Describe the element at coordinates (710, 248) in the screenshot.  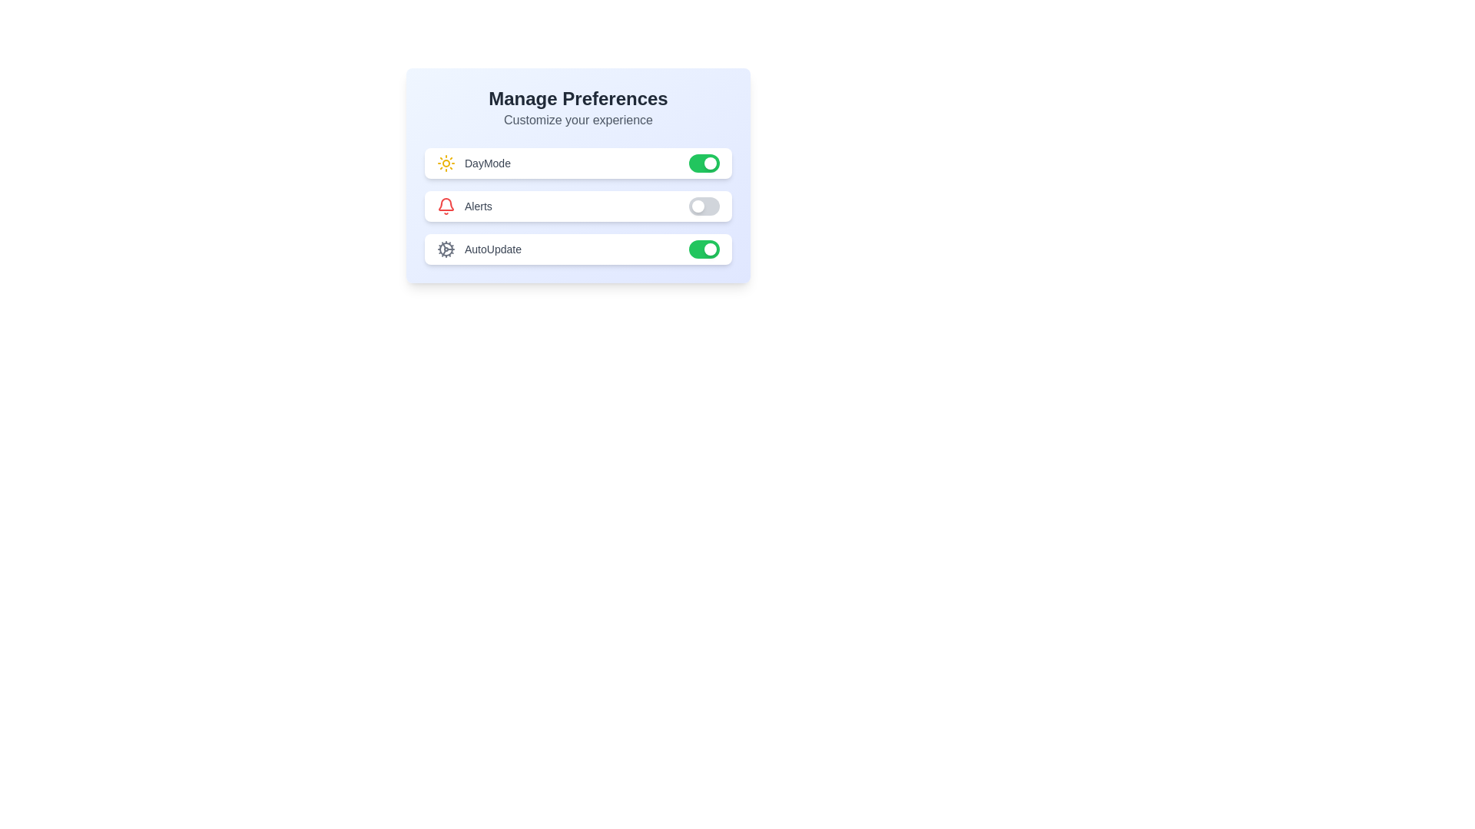
I see `the circular handle of the 'AutoUpdate' toggle switch` at that location.